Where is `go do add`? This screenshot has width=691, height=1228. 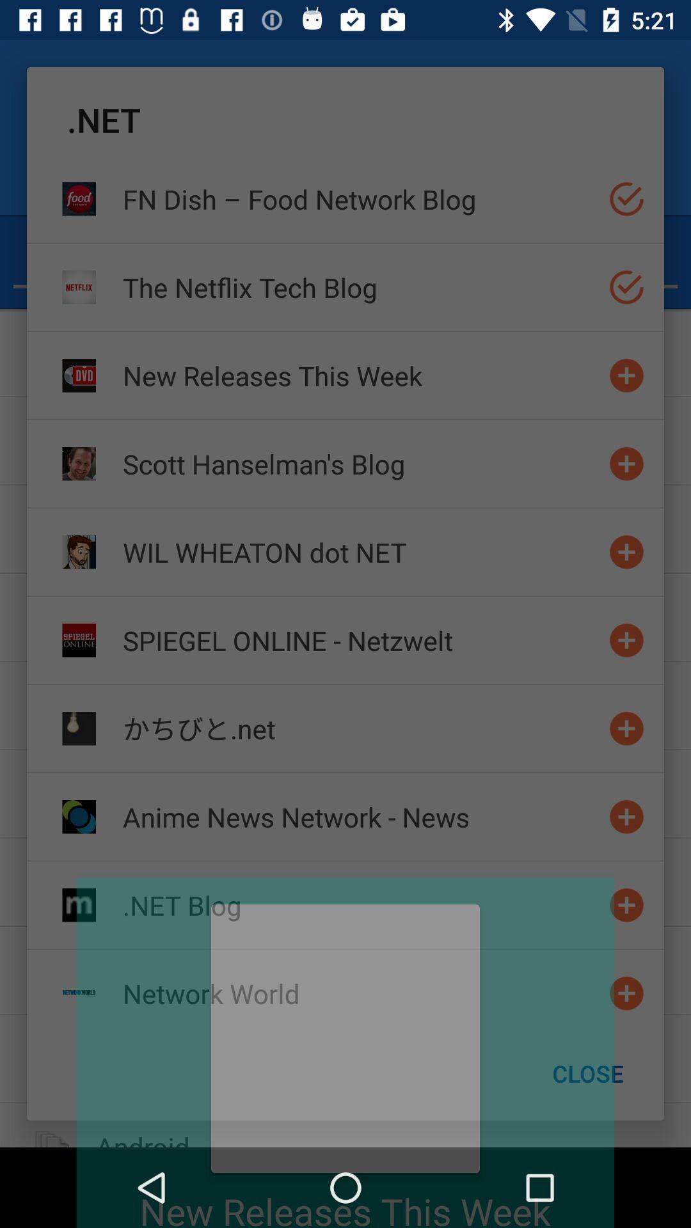 go do add is located at coordinates (626, 463).